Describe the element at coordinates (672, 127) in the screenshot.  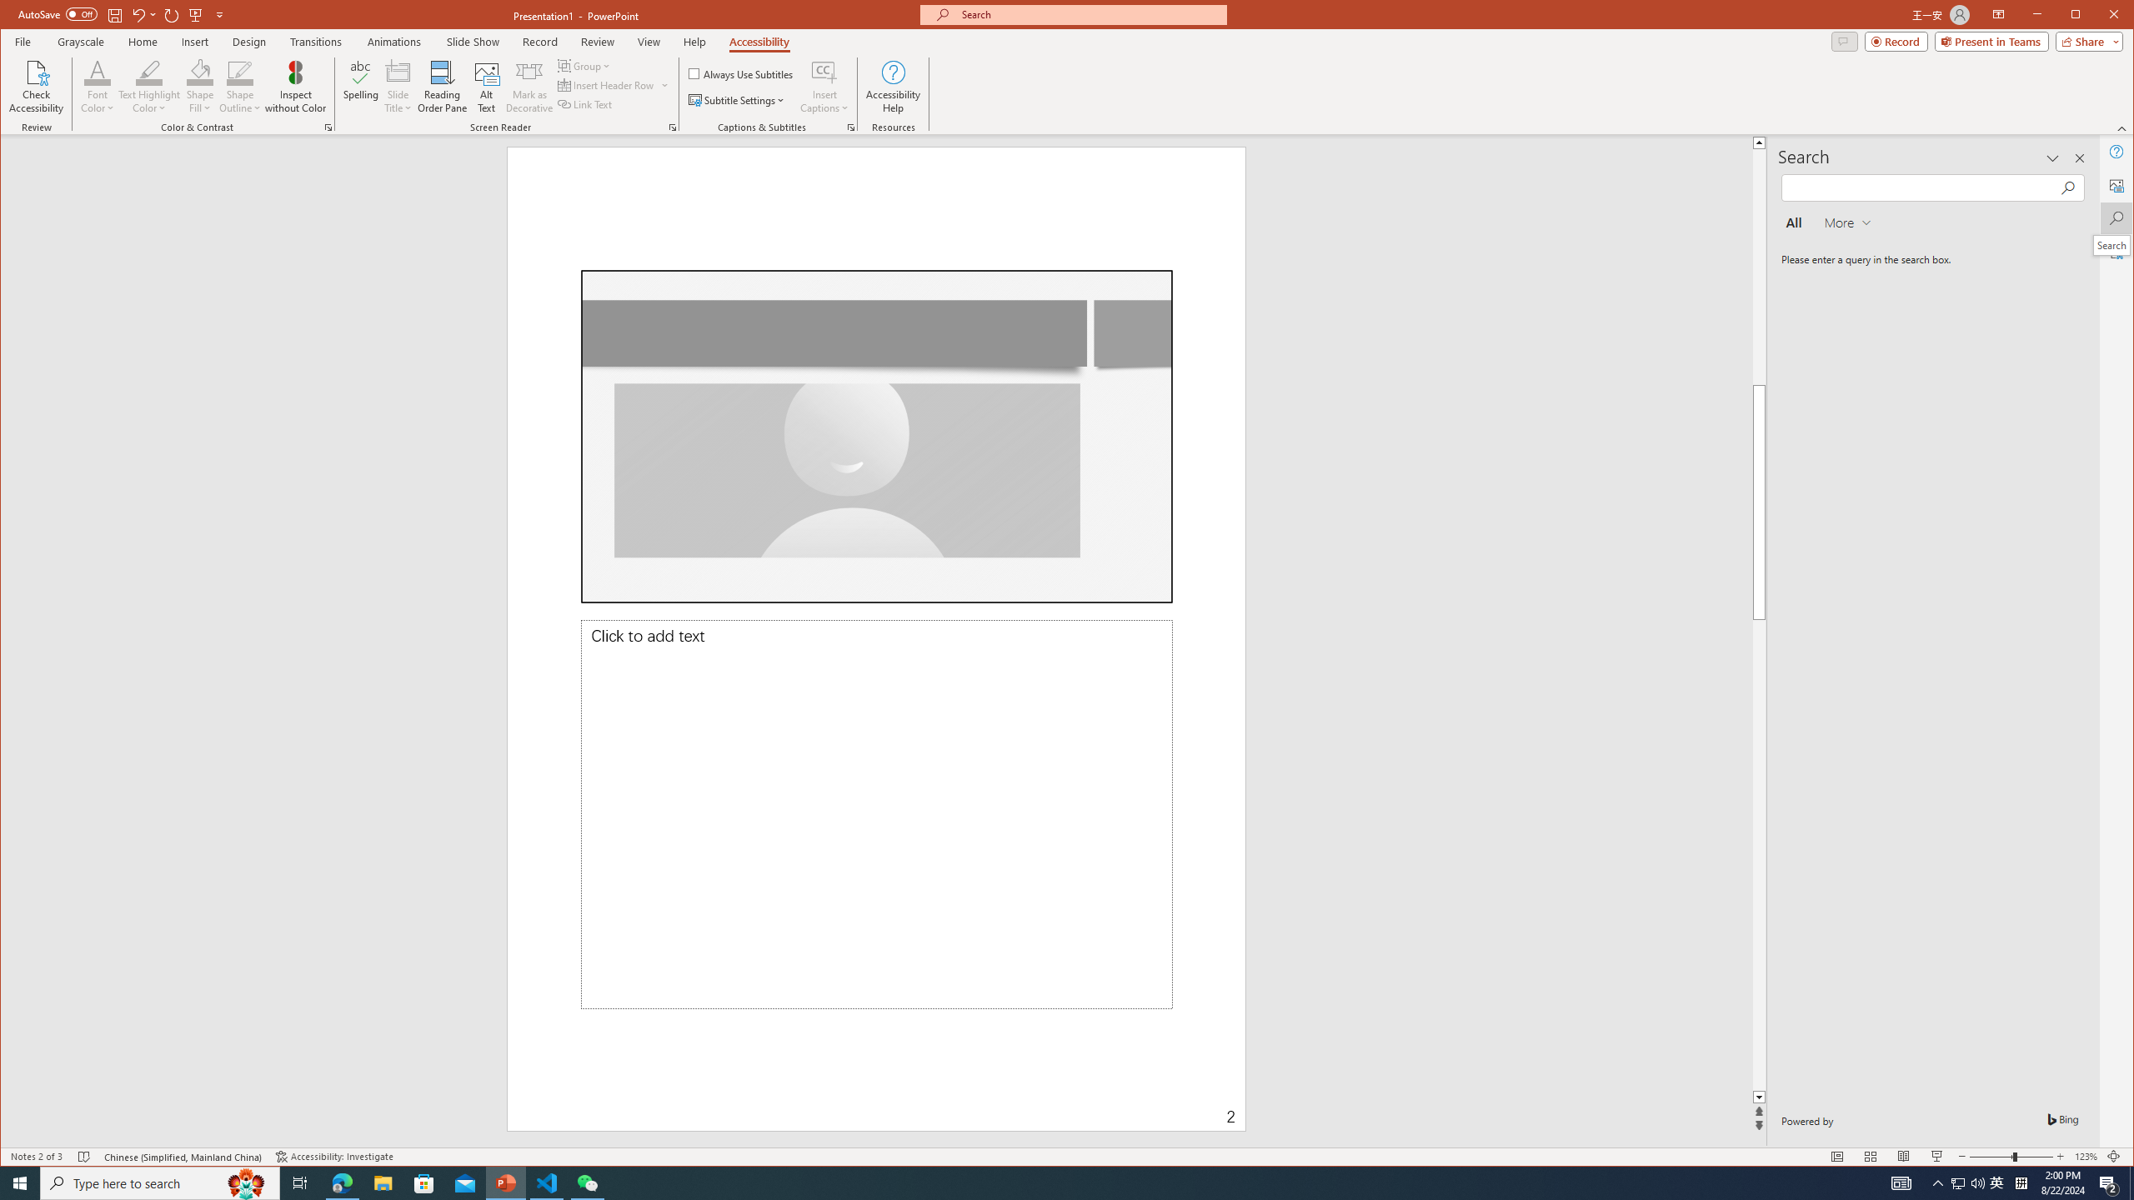
I see `'Screen Reader'` at that location.